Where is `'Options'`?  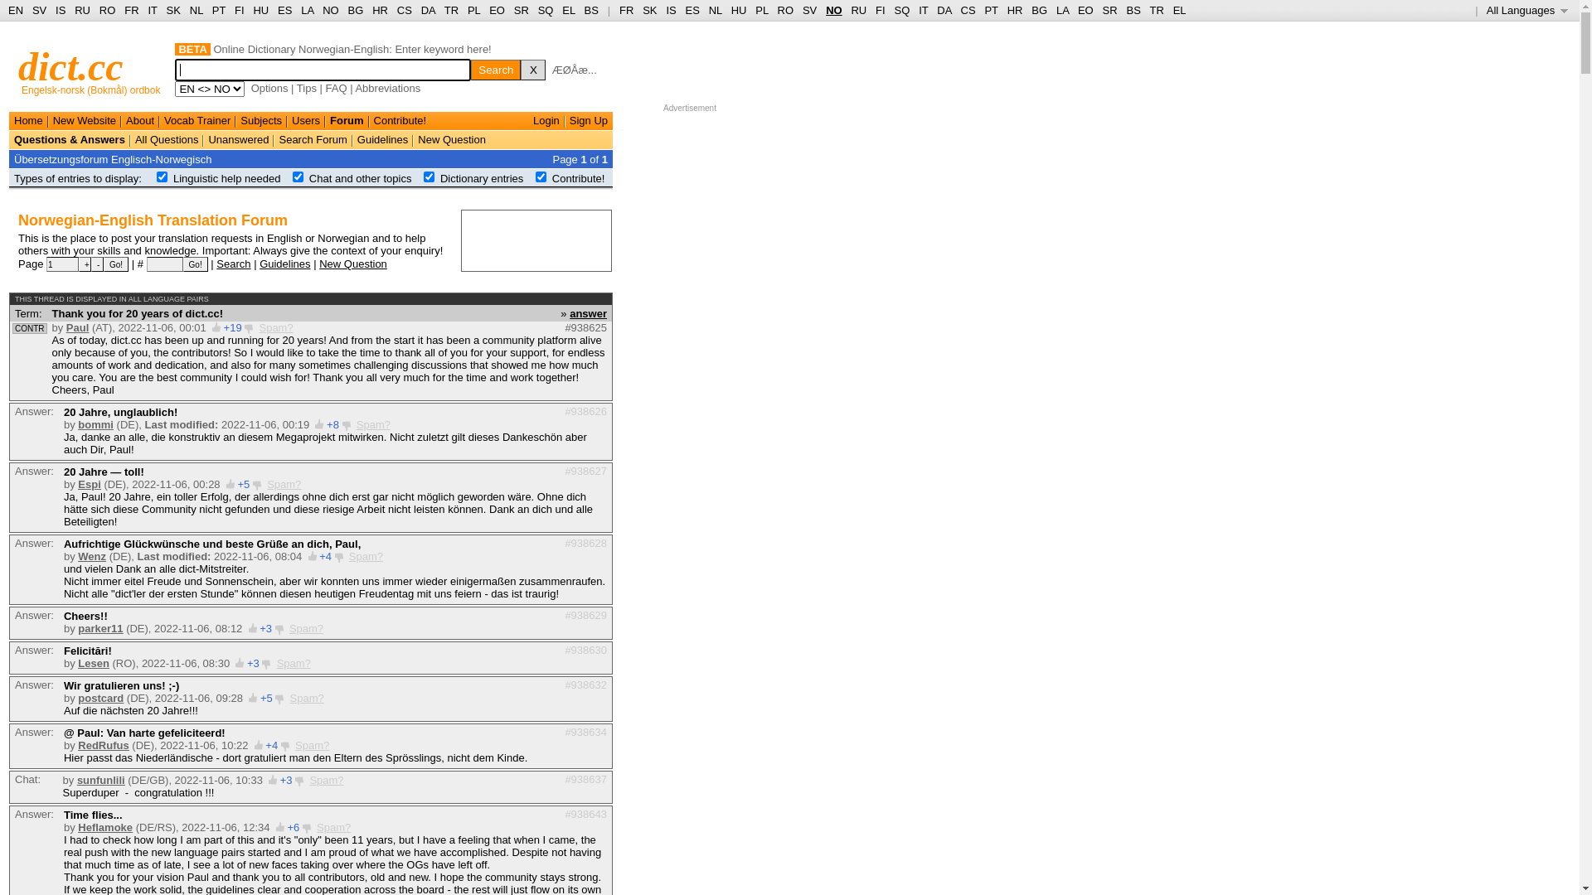
'Options' is located at coordinates (269, 88).